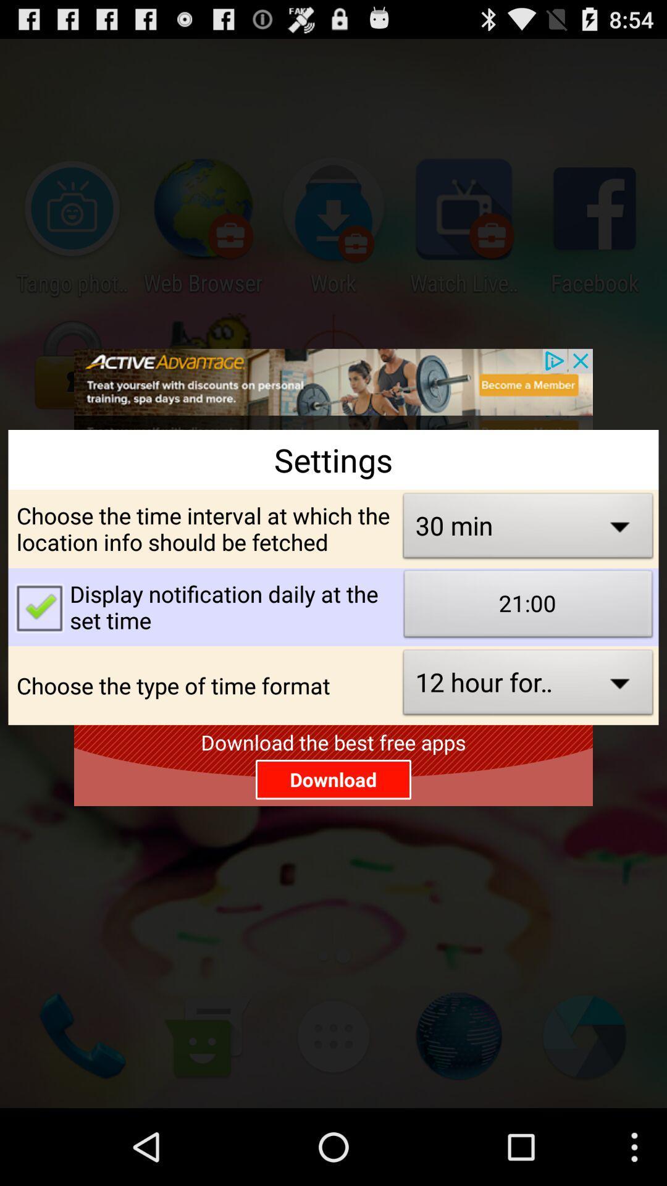  What do you see at coordinates (333, 389) in the screenshot?
I see `advertisement` at bounding box center [333, 389].